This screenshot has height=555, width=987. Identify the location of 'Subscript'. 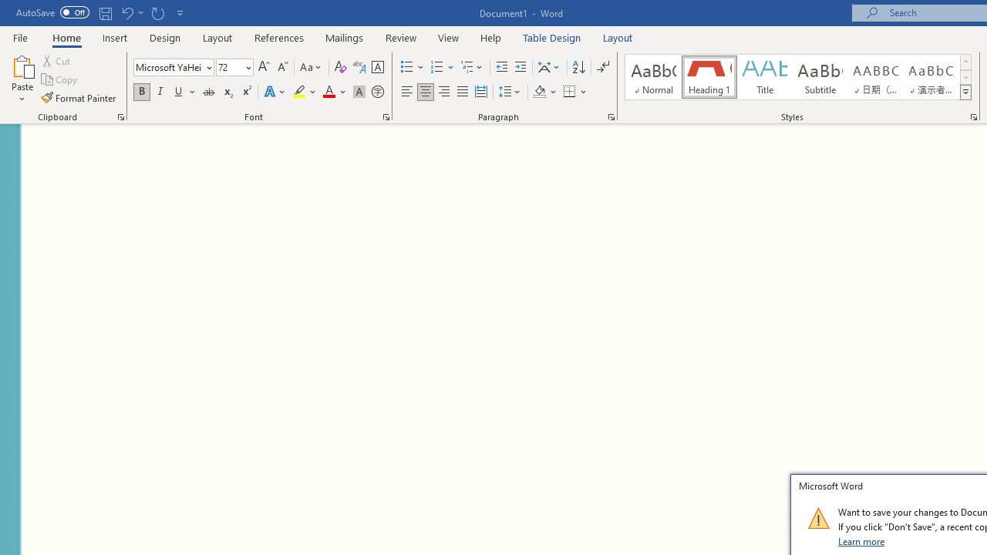
(227, 92).